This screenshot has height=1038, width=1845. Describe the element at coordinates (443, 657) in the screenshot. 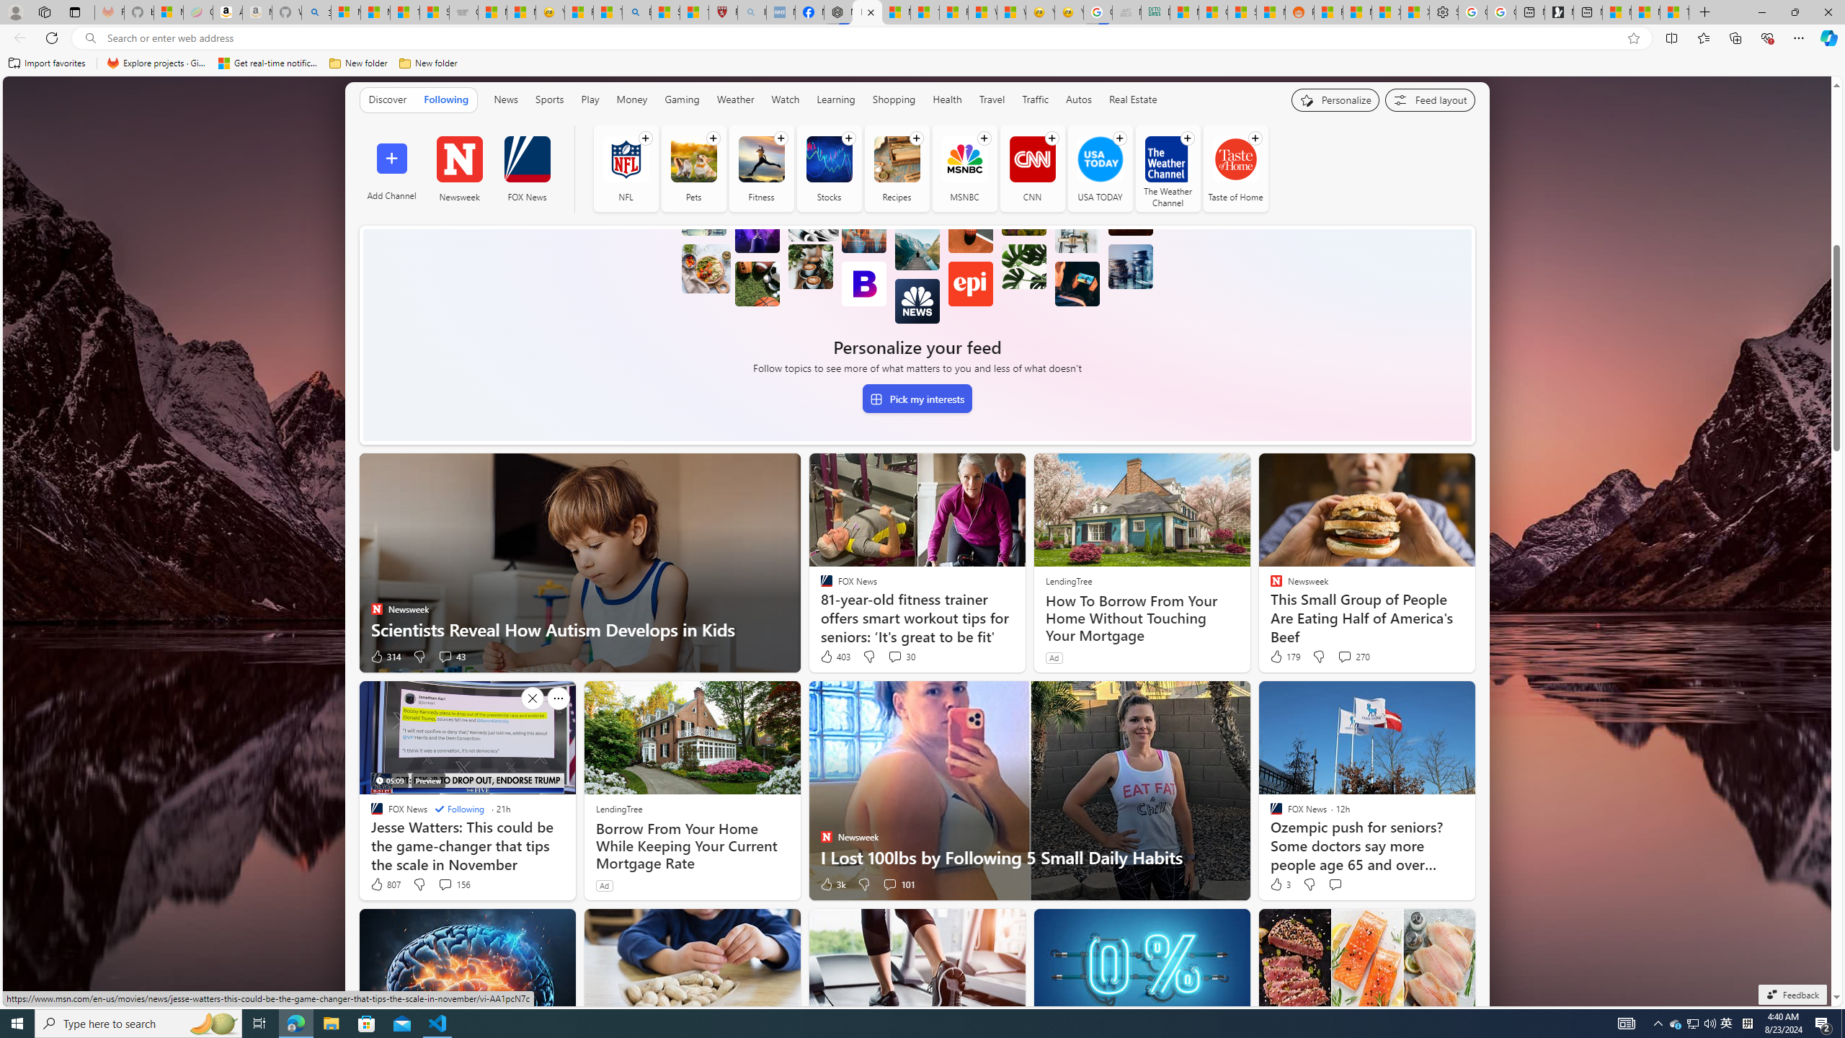

I see `'View comments 43 Comment'` at that location.